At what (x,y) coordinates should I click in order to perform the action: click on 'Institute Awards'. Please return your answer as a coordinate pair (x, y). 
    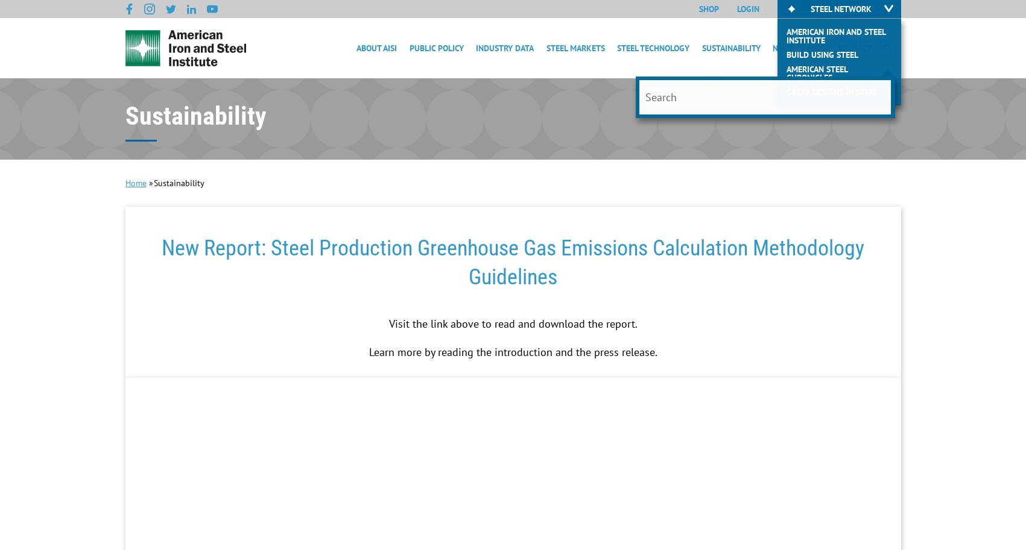
    Looking at the image, I should click on (391, 205).